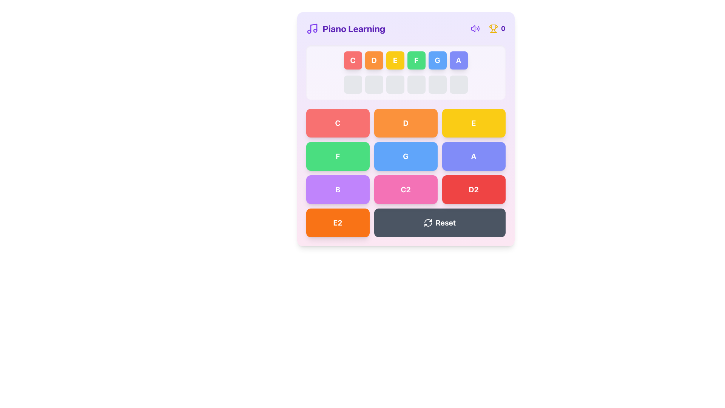 Image resolution: width=725 pixels, height=408 pixels. Describe the element at coordinates (493, 28) in the screenshot. I see `the achievement icon located at the top-right corner of the interface, which visually represents an achievement or milestone` at that location.